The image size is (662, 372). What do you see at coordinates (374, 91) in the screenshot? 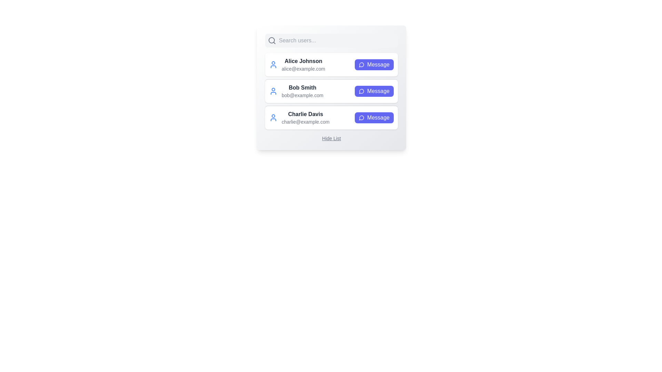
I see `the 'Message' button corresponding to Bob Smith` at bounding box center [374, 91].